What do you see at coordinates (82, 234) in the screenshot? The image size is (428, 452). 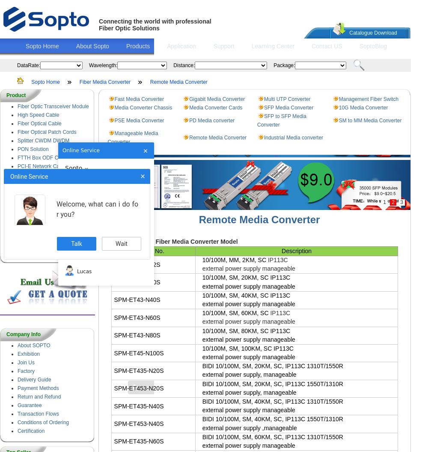 I see `'Sara'` at bounding box center [82, 234].